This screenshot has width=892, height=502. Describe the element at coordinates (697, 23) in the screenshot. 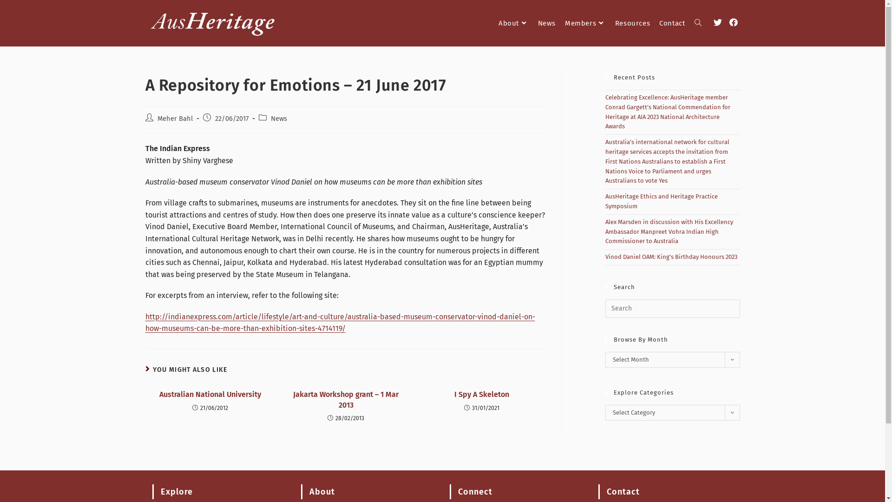

I see `'Toggle Website Search'` at that location.